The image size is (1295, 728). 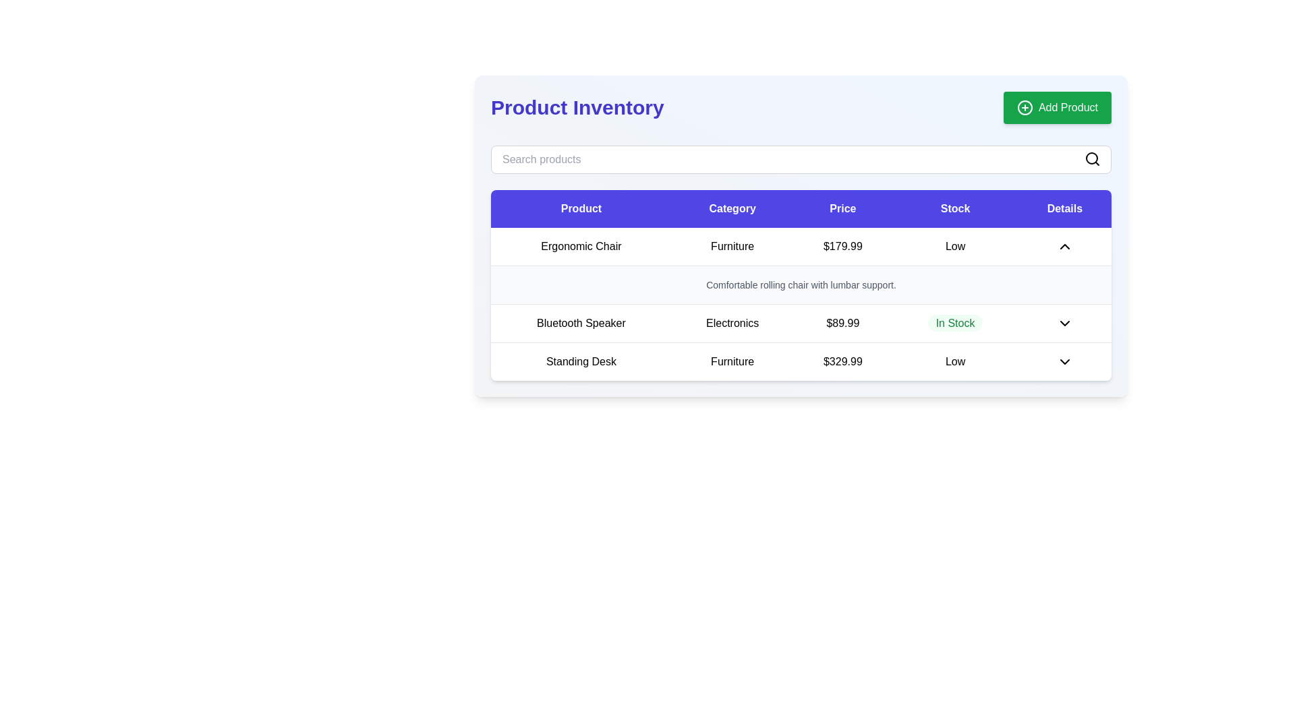 I want to click on the 'Add Product' button located in the upper-right corner of the interface, next to the 'Product Inventory' heading, so click(x=1057, y=107).